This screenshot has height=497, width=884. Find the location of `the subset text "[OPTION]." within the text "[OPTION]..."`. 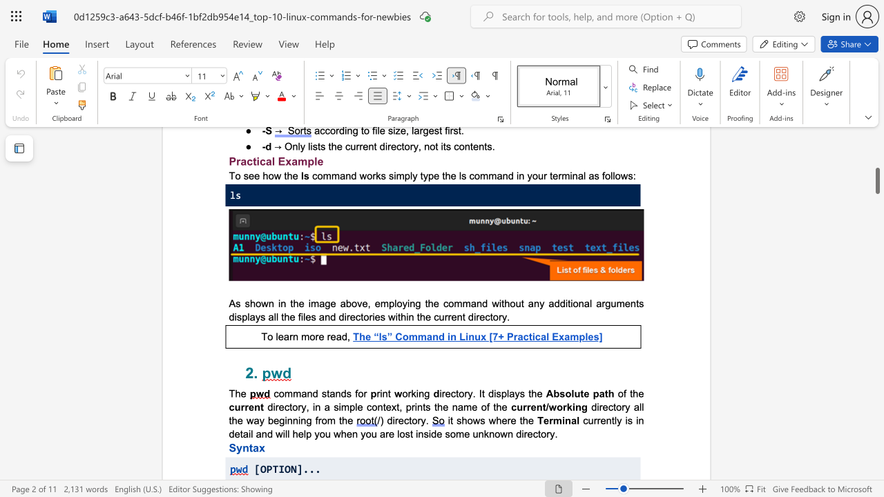

the subset text "[OPTION]." within the text "[OPTION]..." is located at coordinates (254, 468).